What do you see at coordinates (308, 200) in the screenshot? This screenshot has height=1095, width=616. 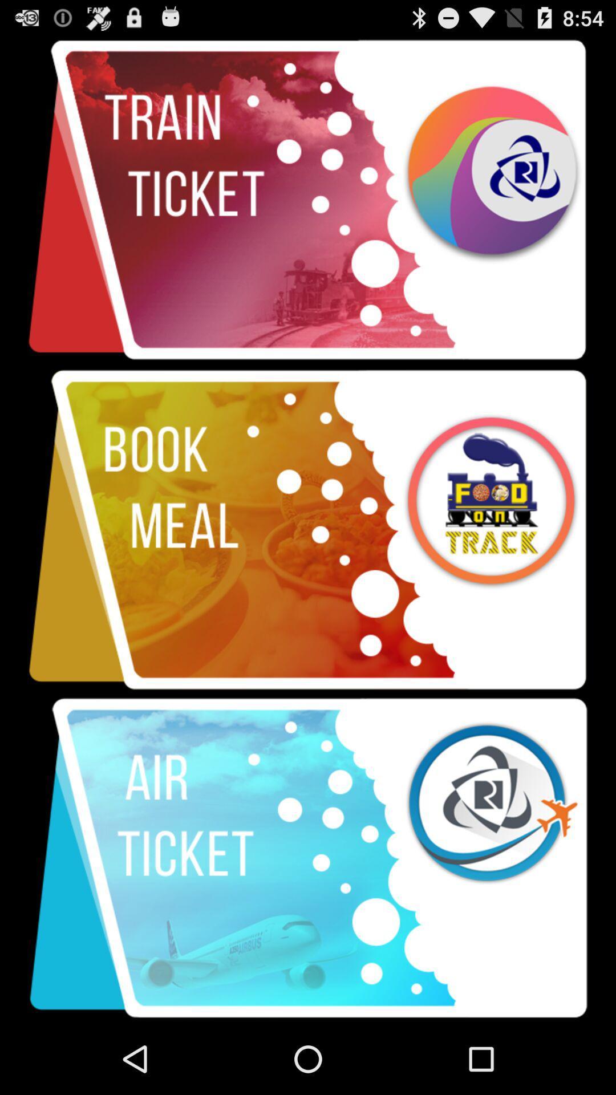 I see `train ticket` at bounding box center [308, 200].